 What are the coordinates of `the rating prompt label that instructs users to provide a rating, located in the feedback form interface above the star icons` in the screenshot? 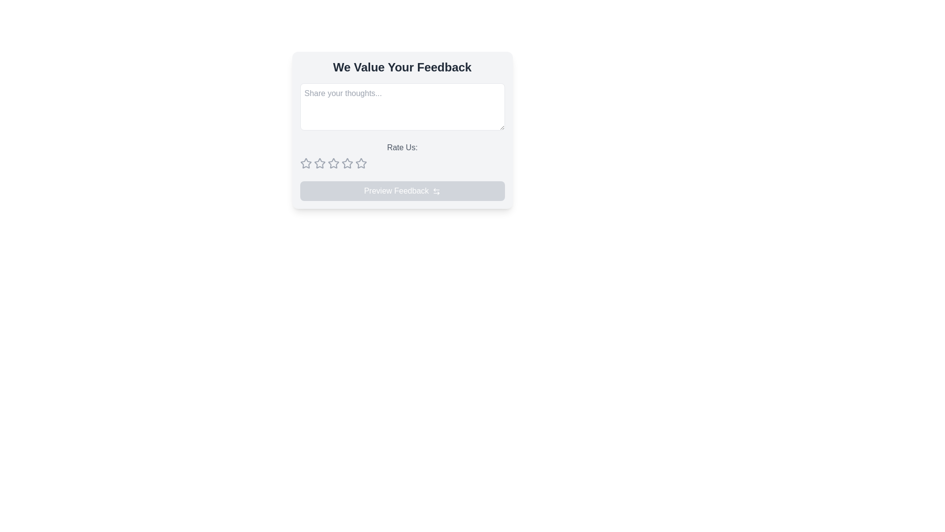 It's located at (402, 148).